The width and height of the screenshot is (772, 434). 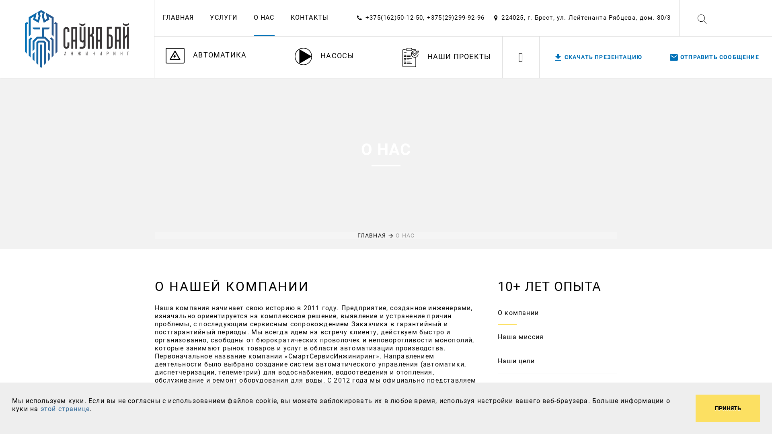 What do you see at coordinates (424, 17) in the screenshot?
I see `'+375(162)50-12-50, +375(29)299-92-96'` at bounding box center [424, 17].